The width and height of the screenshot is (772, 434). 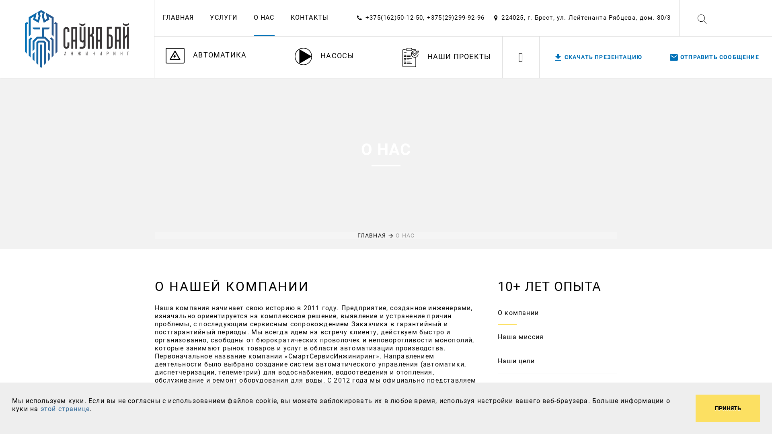 What do you see at coordinates (424, 17) in the screenshot?
I see `'+375(162)50-12-50, +375(29)299-92-96'` at bounding box center [424, 17].